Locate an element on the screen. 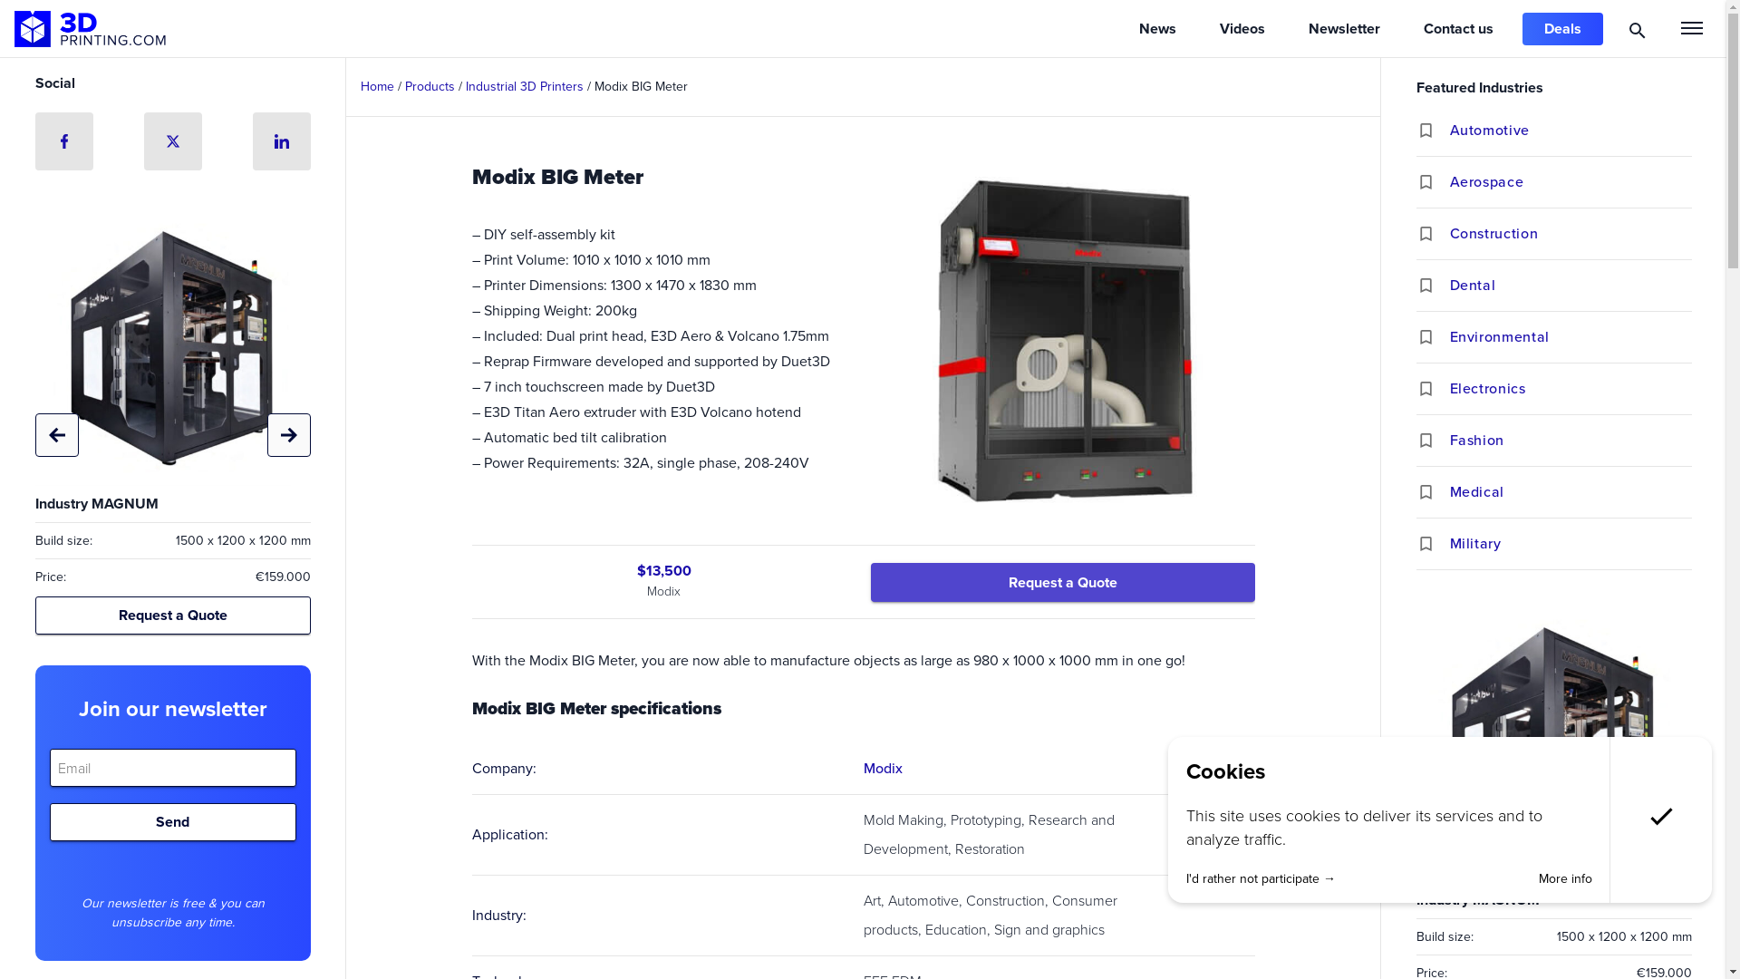 This screenshot has height=979, width=1740. 'Electronics' is located at coordinates (1570, 387).